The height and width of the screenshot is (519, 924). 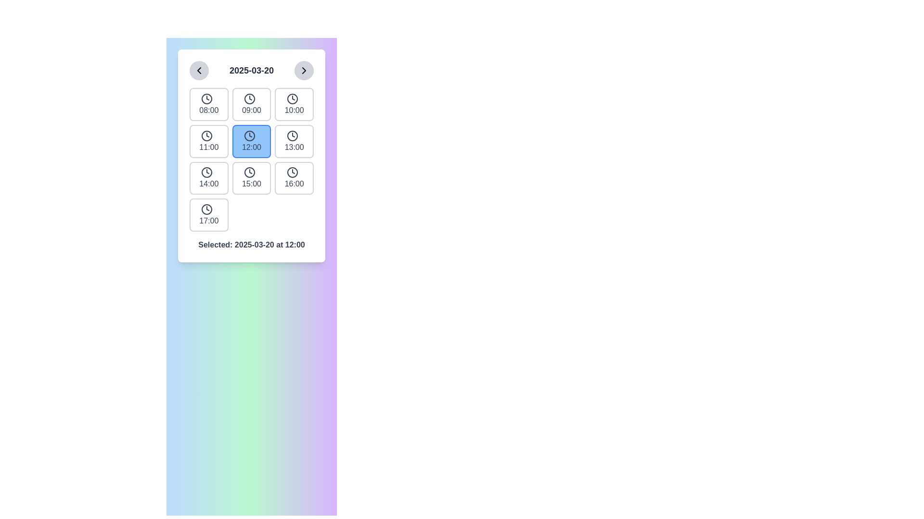 What do you see at coordinates (198, 70) in the screenshot?
I see `the navigational icon within the rounded button located in the top-left corner of the date selection interface to go to the previous date` at bounding box center [198, 70].